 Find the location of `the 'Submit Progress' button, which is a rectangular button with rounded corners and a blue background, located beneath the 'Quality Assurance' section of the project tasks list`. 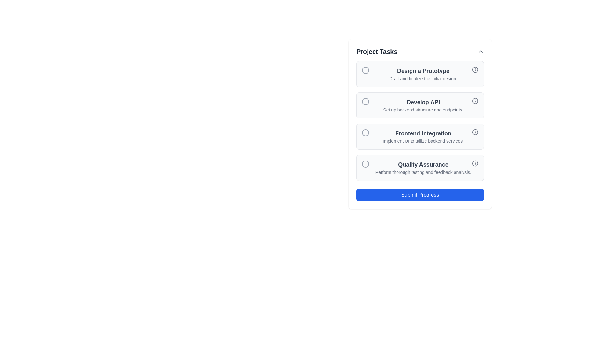

the 'Submit Progress' button, which is a rectangular button with rounded corners and a blue background, located beneath the 'Quality Assurance' section of the project tasks list is located at coordinates (420, 195).